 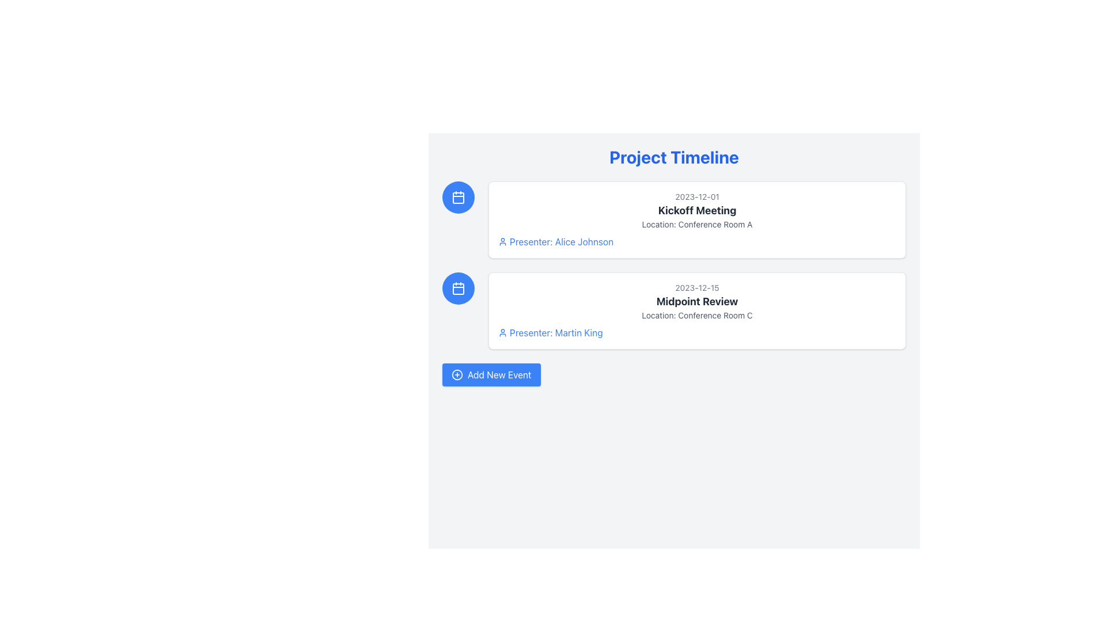 What do you see at coordinates (696, 287) in the screenshot?
I see `the text displaying the scheduled date for the event in the card section titled 'Midpoint Review'` at bounding box center [696, 287].